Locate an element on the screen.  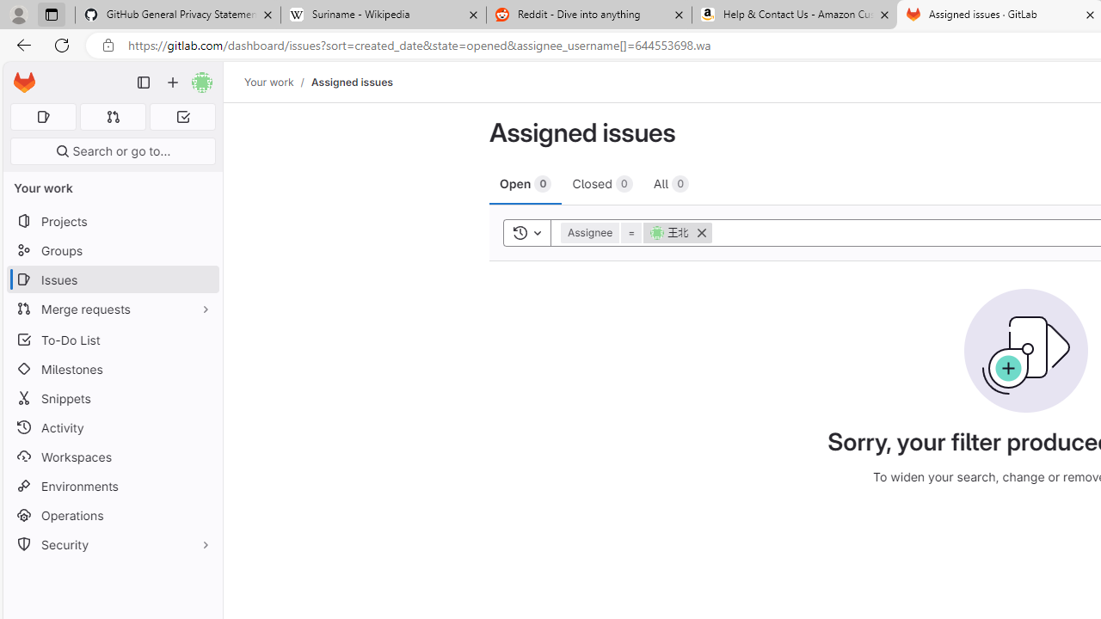
'Toggle history' is located at coordinates (526, 232).